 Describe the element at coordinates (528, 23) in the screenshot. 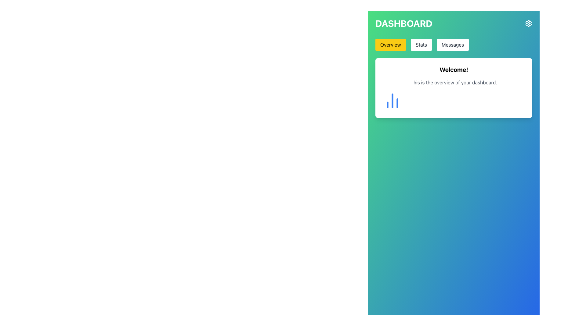

I see `the graphical gear icon located in the top-right corner of the interface within the vertical navigation pane` at that location.